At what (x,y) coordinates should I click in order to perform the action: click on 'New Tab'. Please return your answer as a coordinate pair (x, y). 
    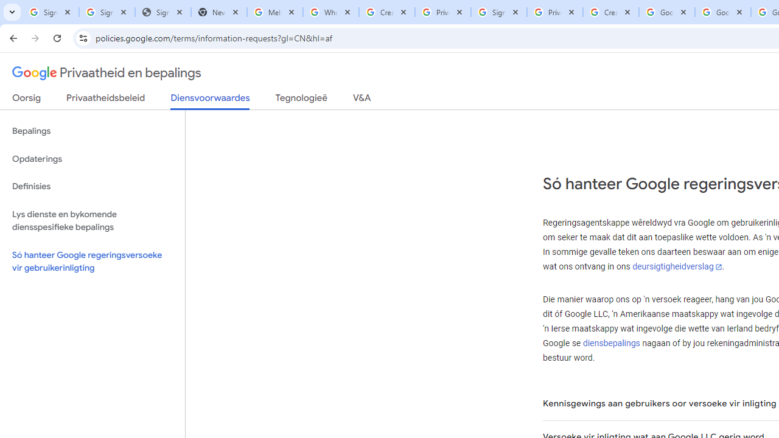
    Looking at the image, I should click on (218, 12).